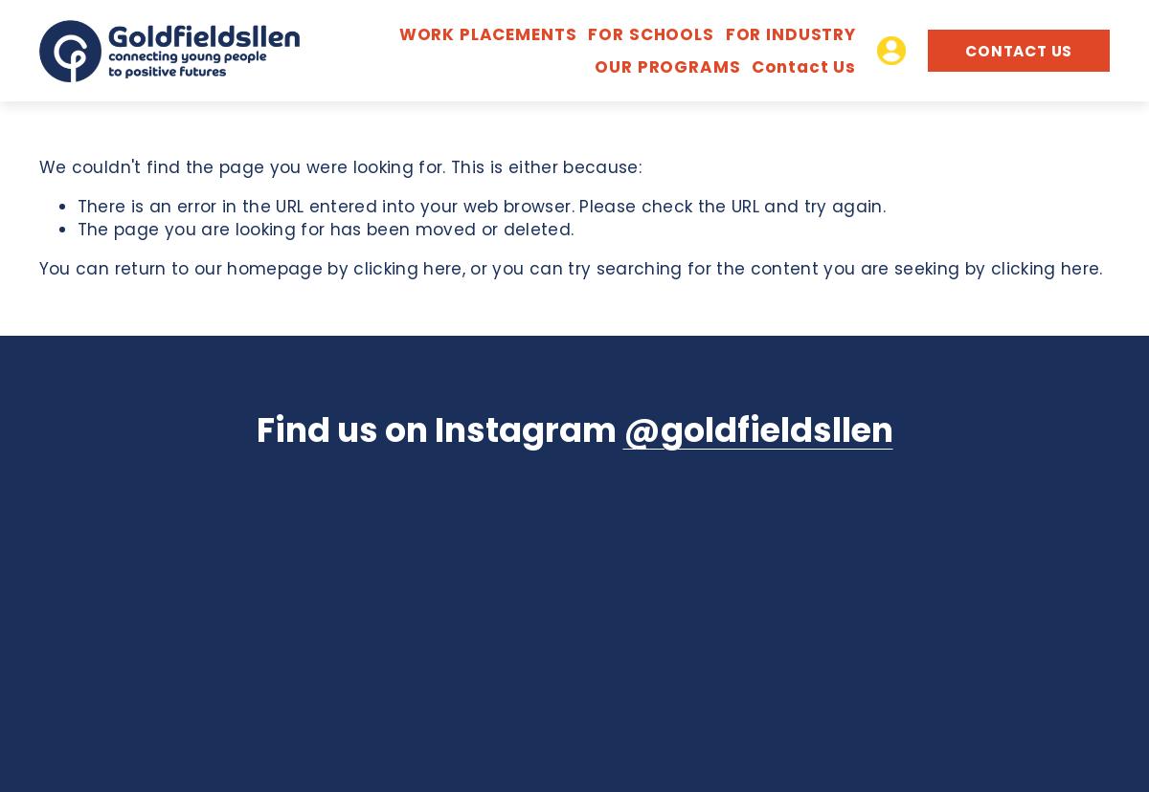 This screenshot has height=792, width=1149. Describe the element at coordinates (799, 111) in the screenshot. I see `'ABOUT US'` at that location.